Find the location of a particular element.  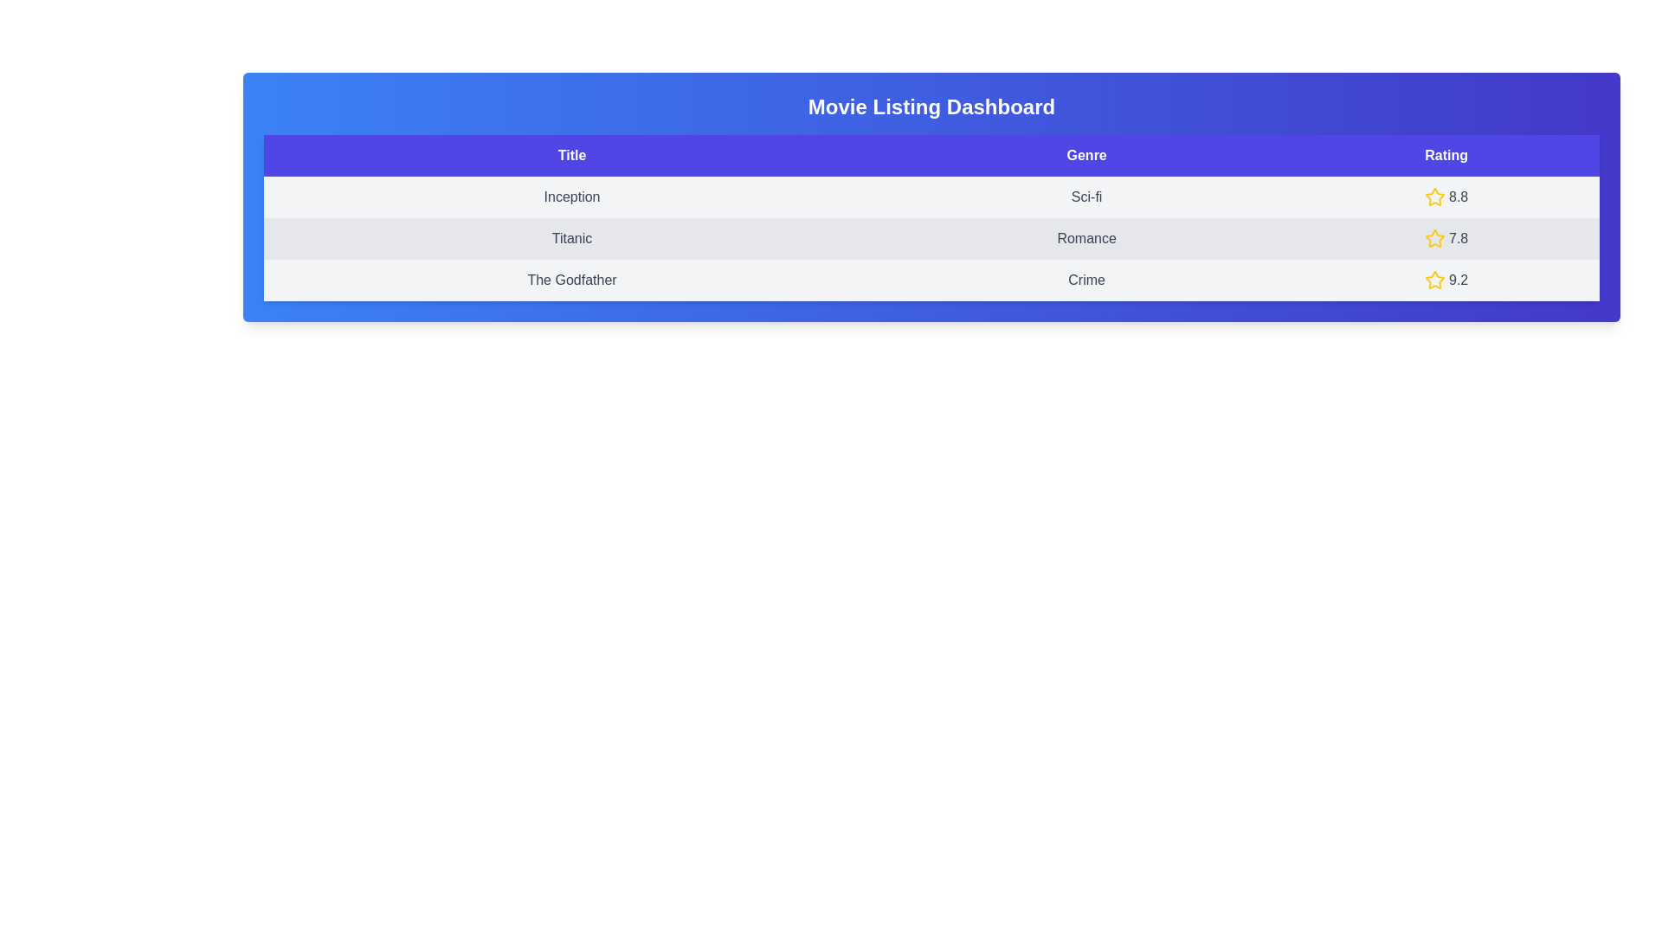

the 'Sci-fi' text label in the 'Genre' column of the movie list, which displays the genre of the movie and is center-aligned with a black font on a light gray background is located at coordinates (1085, 196).